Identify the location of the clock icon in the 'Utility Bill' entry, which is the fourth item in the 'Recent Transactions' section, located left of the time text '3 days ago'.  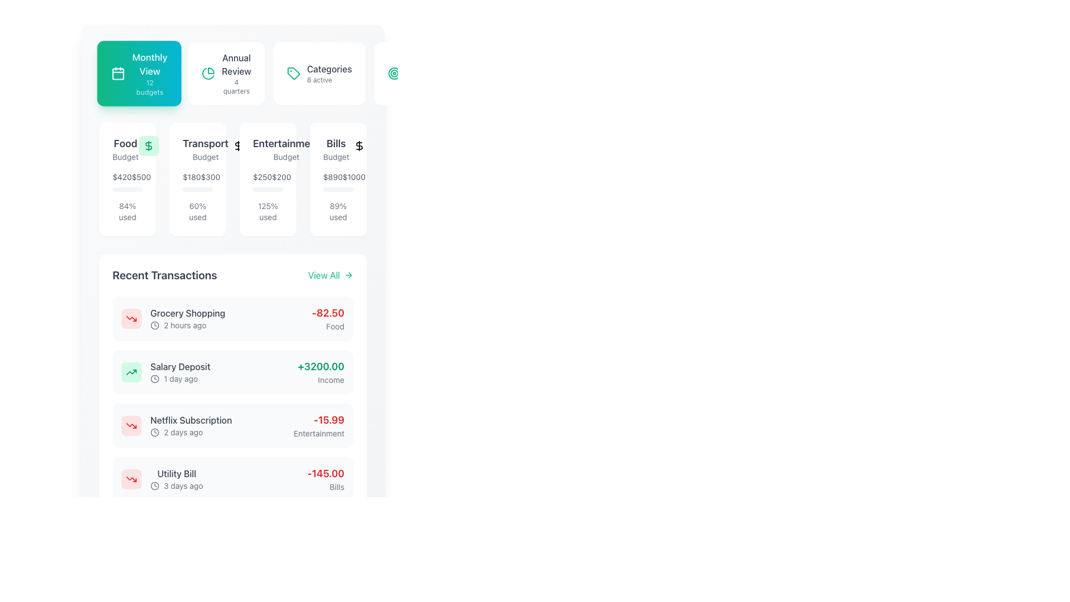
(154, 485).